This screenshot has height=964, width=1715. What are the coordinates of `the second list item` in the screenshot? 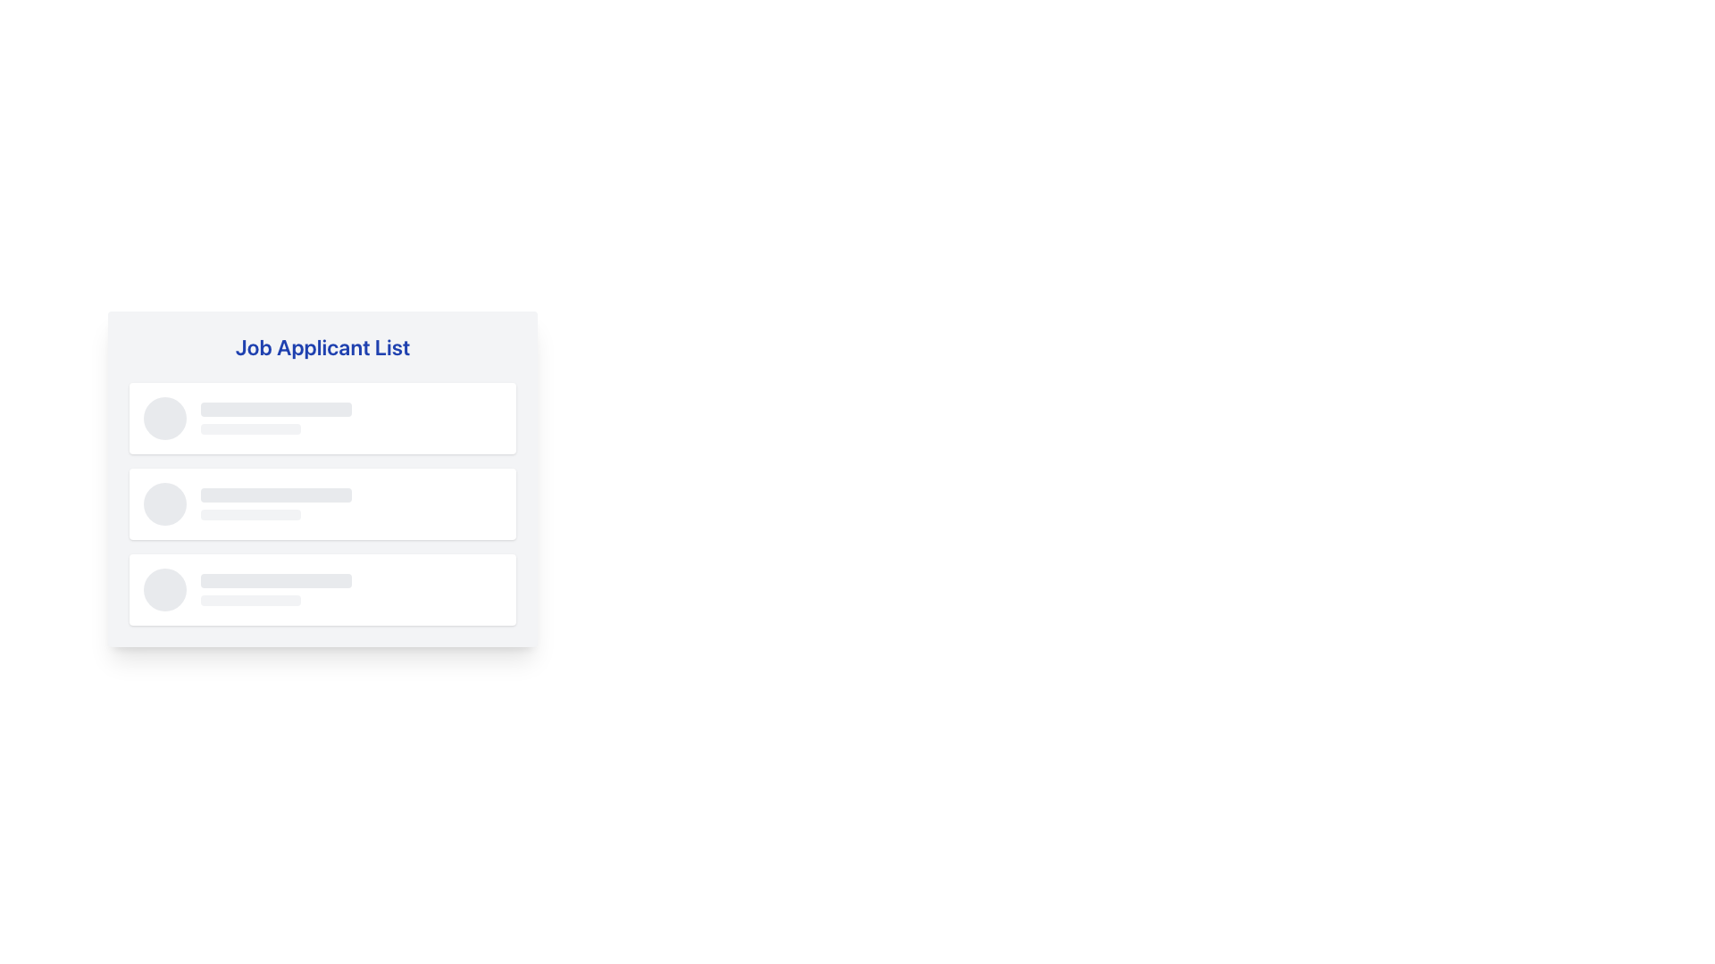 It's located at (322, 503).